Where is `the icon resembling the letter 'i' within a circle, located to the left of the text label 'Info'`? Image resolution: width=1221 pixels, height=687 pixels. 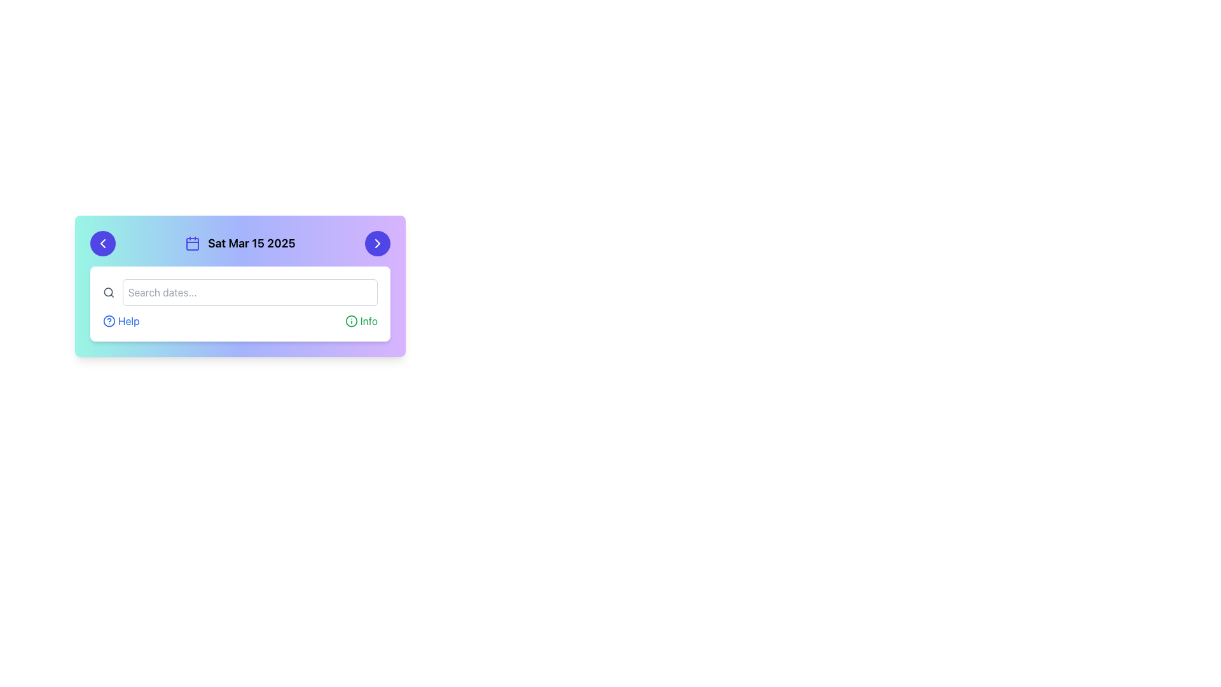 the icon resembling the letter 'i' within a circle, located to the left of the text label 'Info' is located at coordinates (351, 321).